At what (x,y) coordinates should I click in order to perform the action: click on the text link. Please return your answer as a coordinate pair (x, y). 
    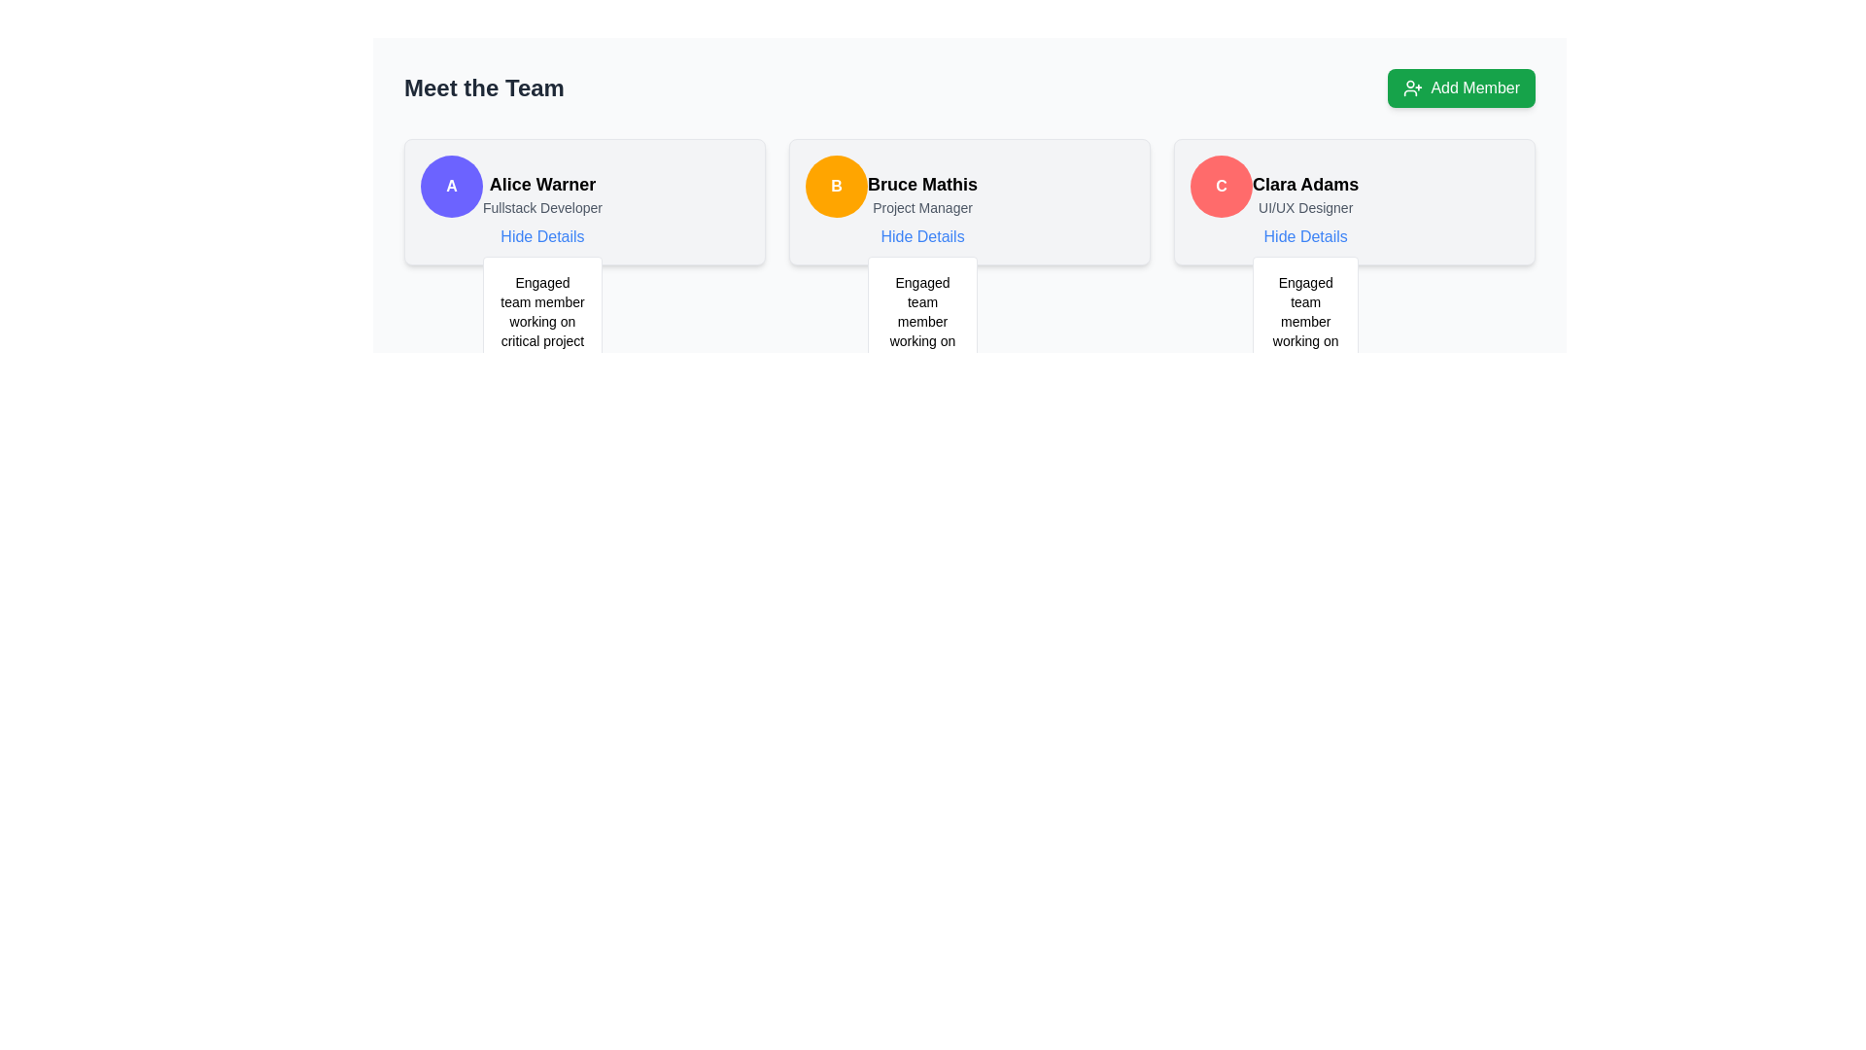
    Looking at the image, I should click on (921, 235).